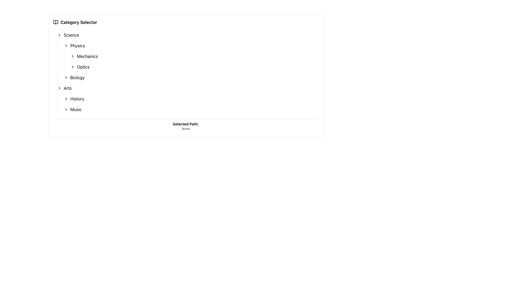 Image resolution: width=510 pixels, height=287 pixels. Describe the element at coordinates (67, 88) in the screenshot. I see `the text label 'Arts'` at that location.